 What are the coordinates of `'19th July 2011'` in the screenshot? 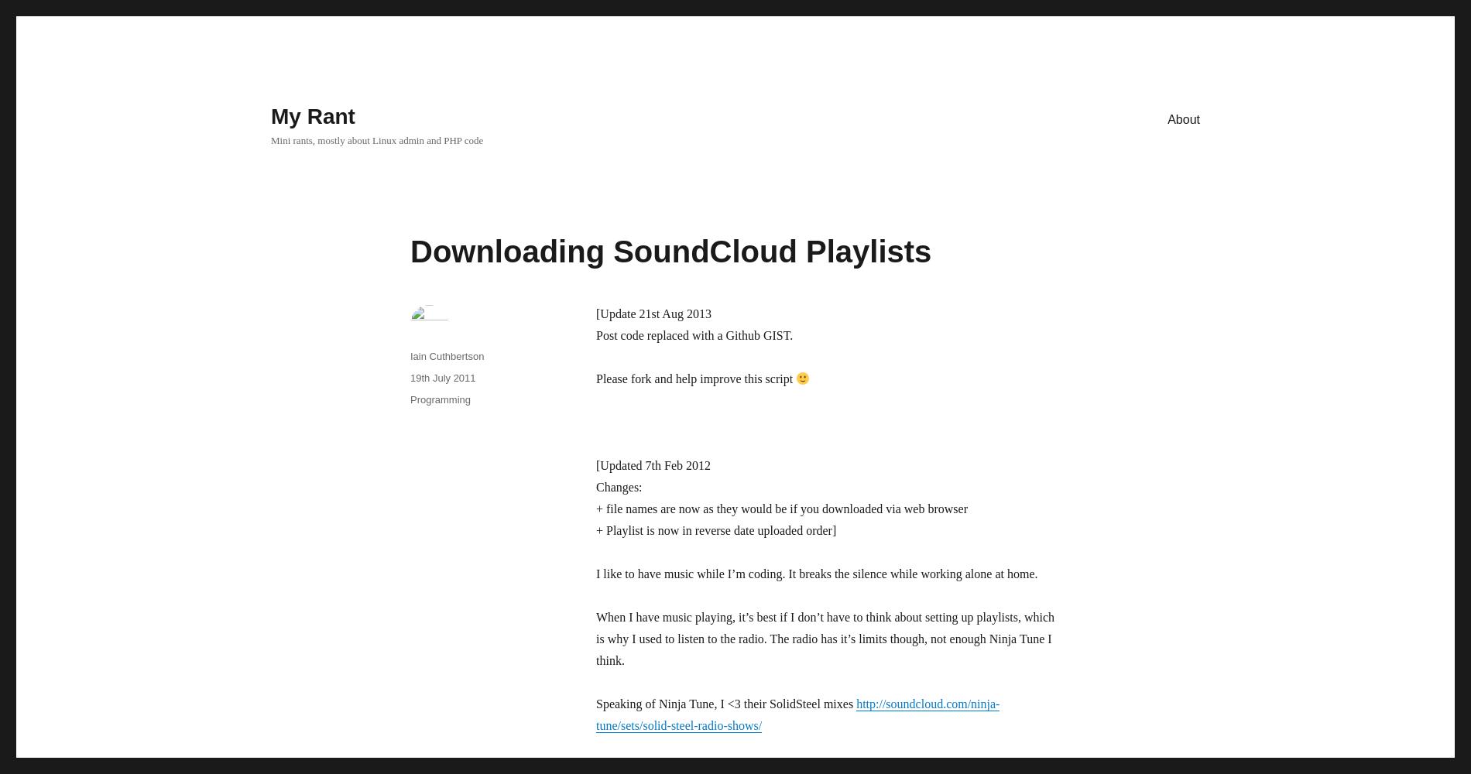 It's located at (443, 377).